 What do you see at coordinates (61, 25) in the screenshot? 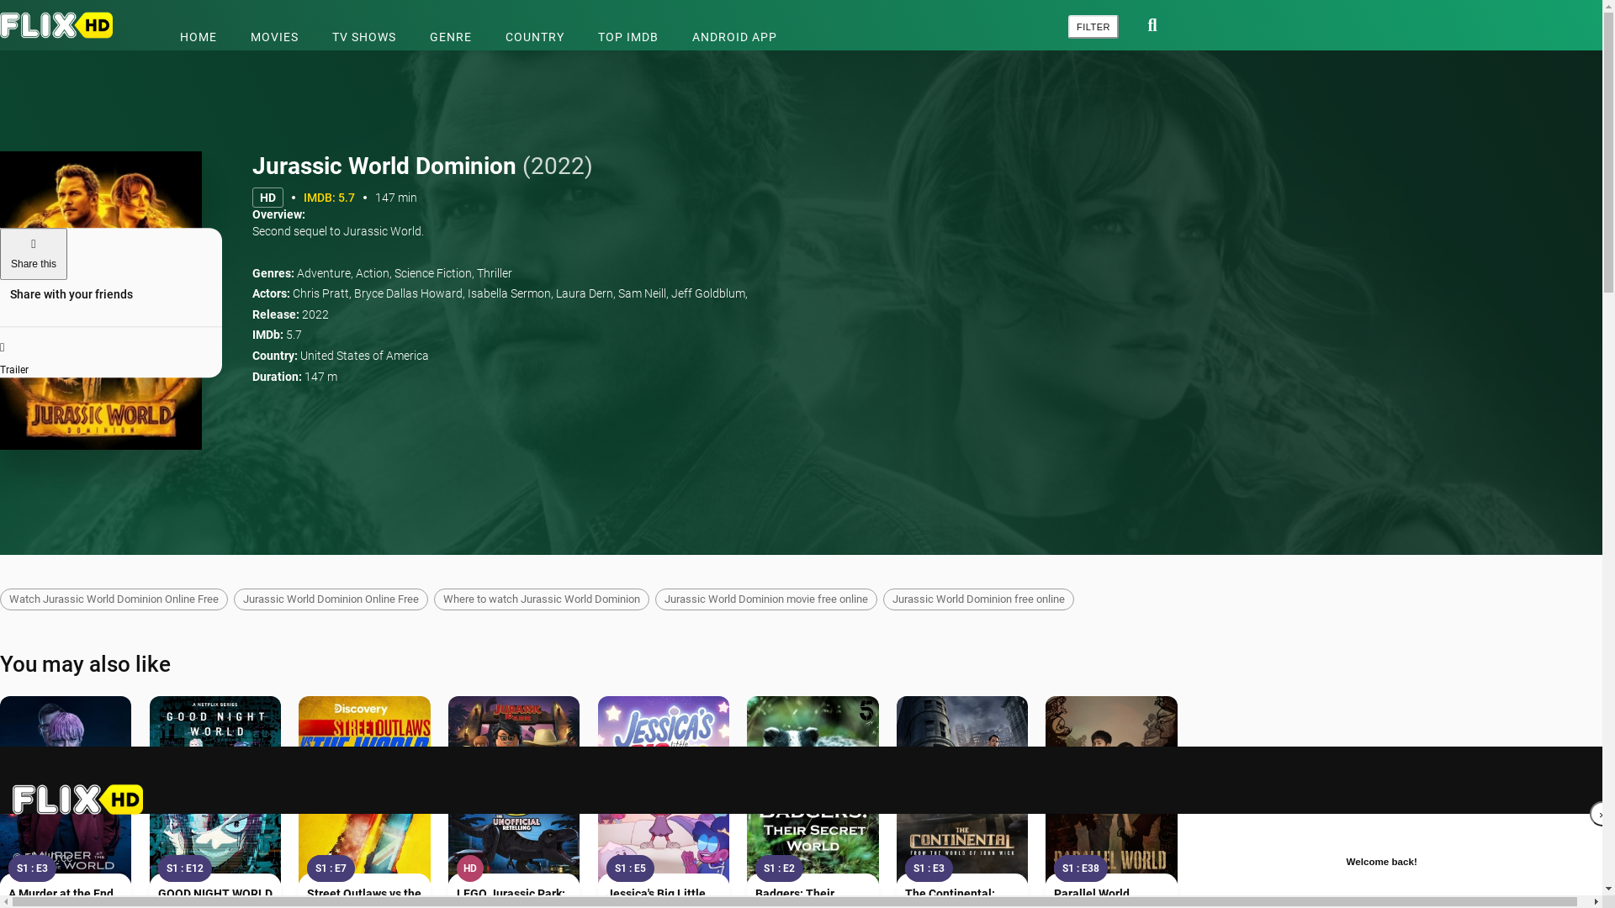
I see `'FlixHD.cc'` at bounding box center [61, 25].